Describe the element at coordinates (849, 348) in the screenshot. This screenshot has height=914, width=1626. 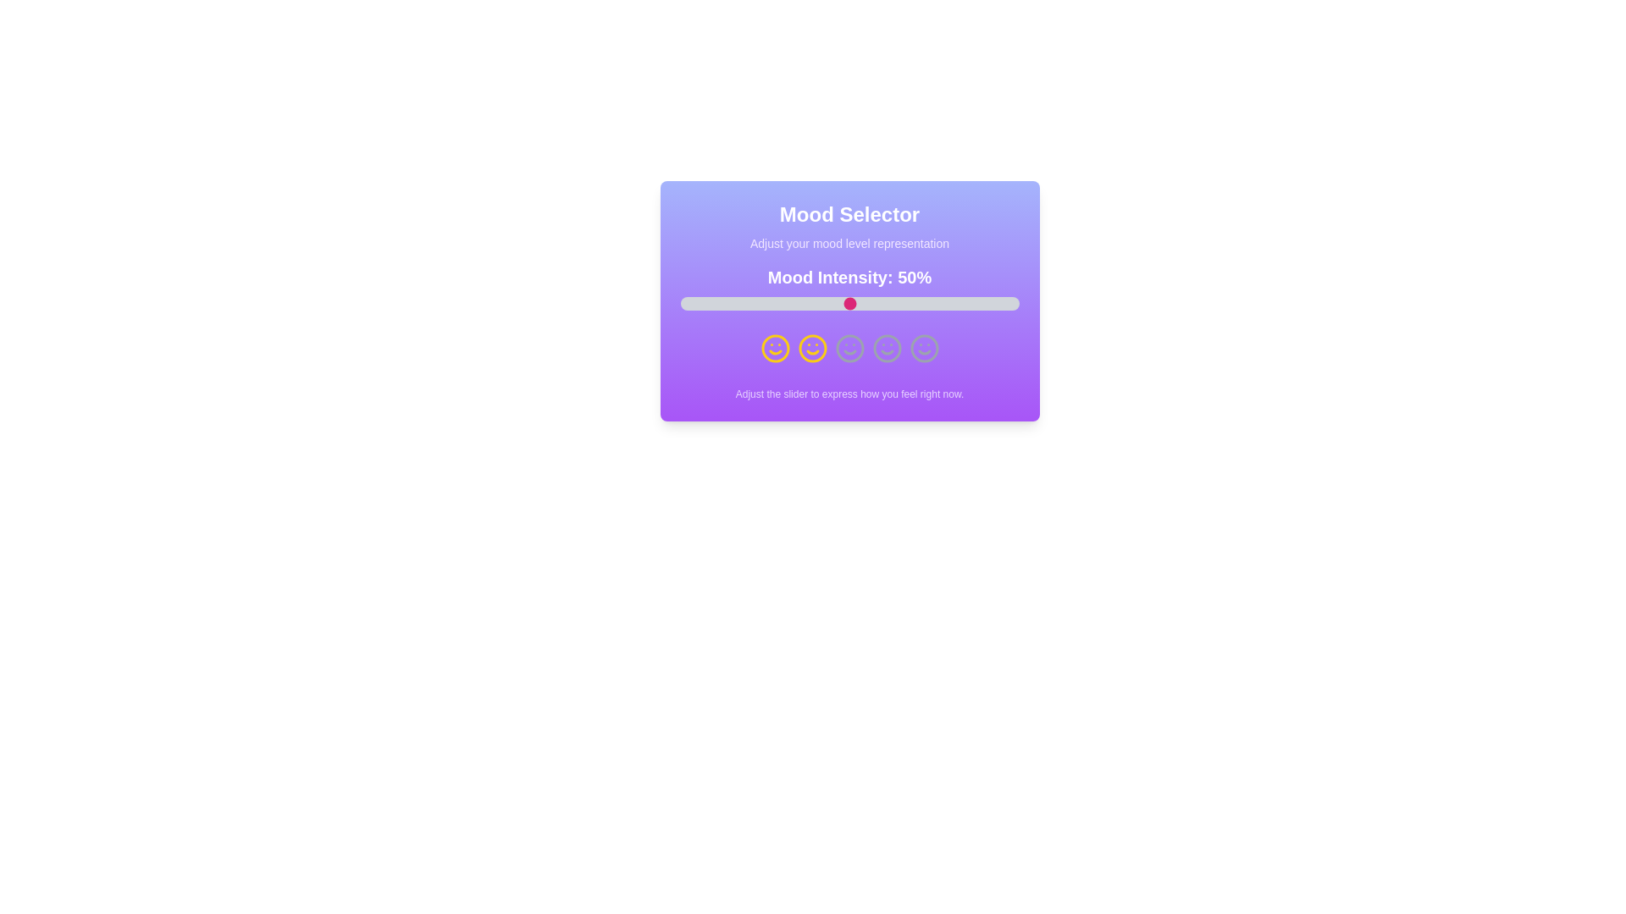
I see `the smiley icon representing neutral mood` at that location.